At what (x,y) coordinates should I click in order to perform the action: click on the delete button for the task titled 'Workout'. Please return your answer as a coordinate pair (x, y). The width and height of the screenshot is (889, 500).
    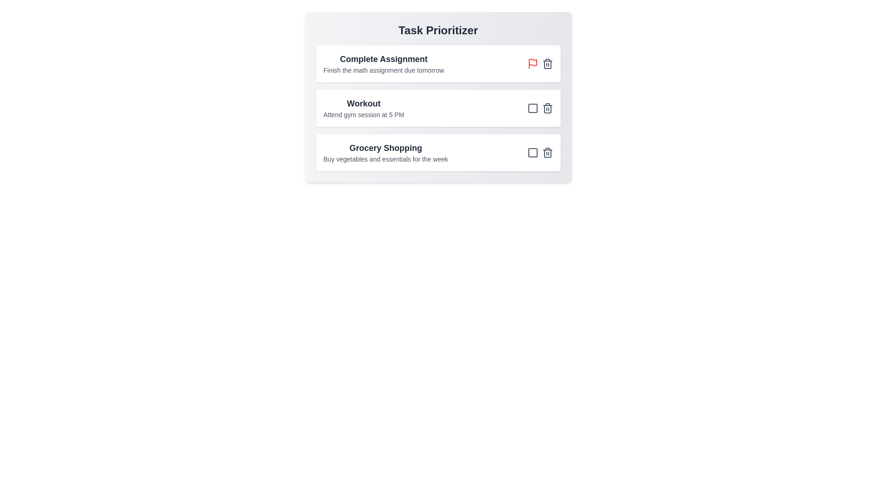
    Looking at the image, I should click on (547, 108).